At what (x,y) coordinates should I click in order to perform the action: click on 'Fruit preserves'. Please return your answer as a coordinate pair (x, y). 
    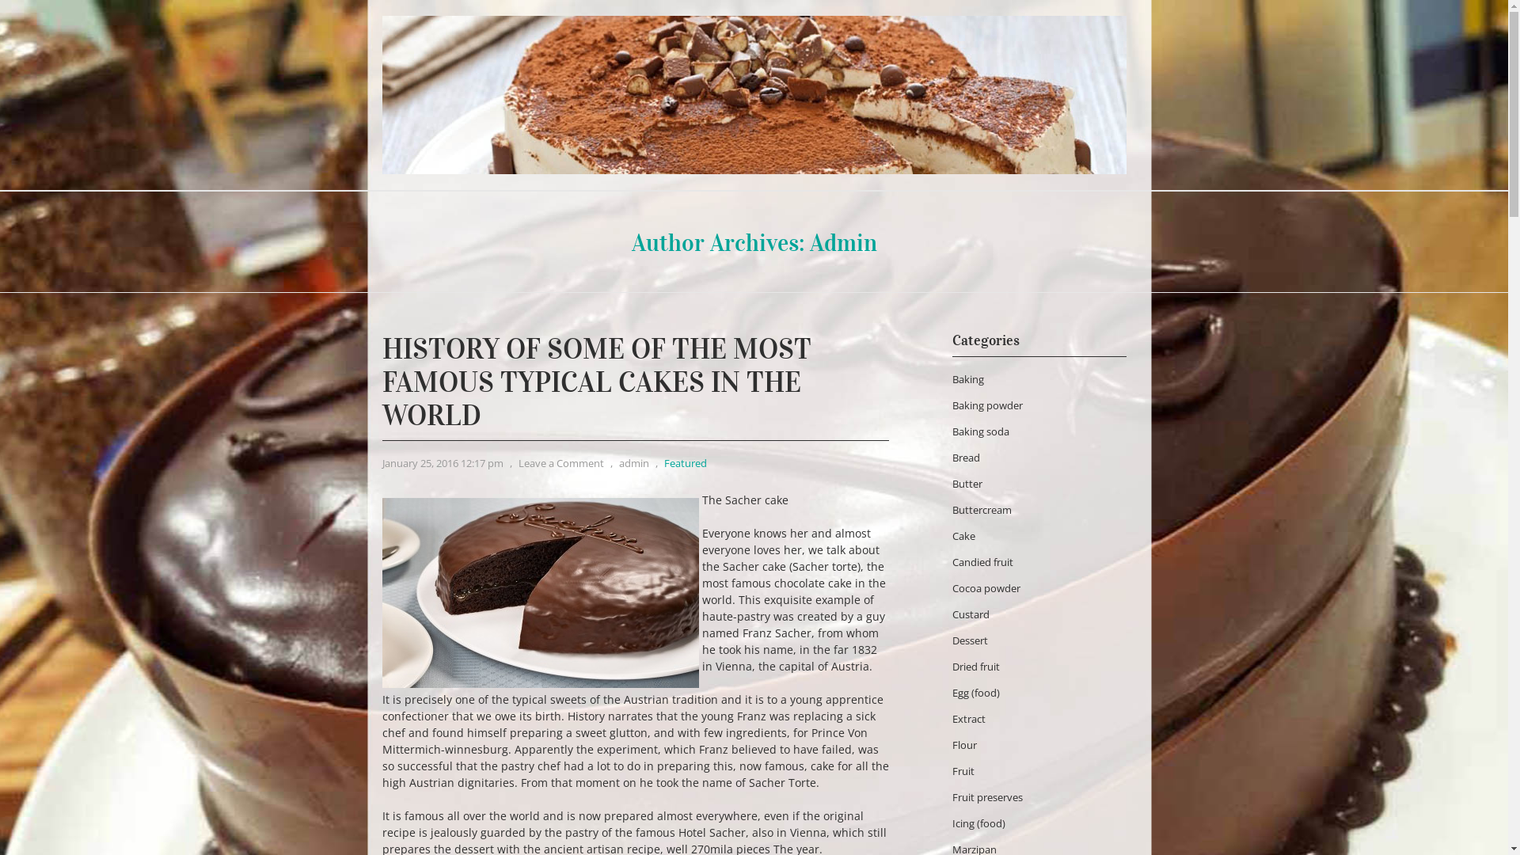
    Looking at the image, I should click on (986, 796).